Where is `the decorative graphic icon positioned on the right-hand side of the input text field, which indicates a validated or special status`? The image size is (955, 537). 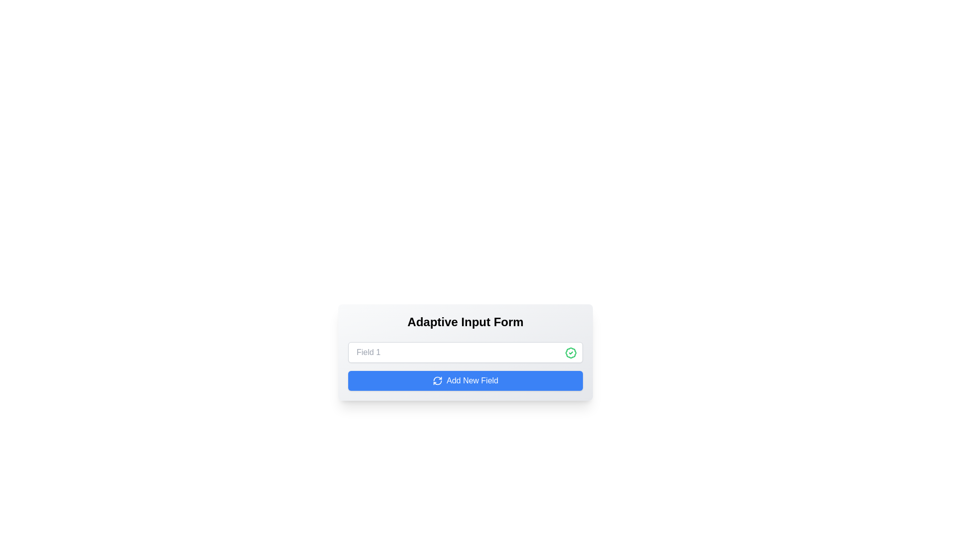 the decorative graphic icon positioned on the right-hand side of the input text field, which indicates a validated or special status is located at coordinates (571, 352).